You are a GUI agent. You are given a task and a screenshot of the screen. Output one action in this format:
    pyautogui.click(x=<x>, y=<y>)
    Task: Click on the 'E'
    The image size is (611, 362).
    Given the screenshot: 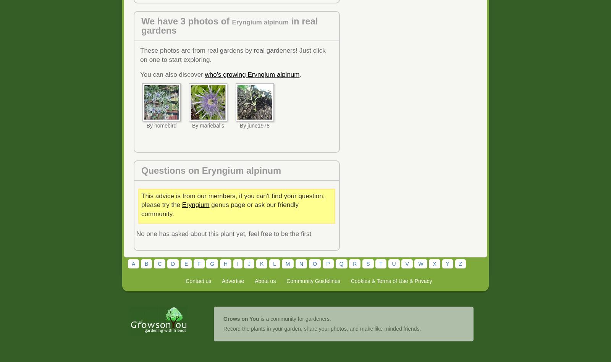 What is the action you would take?
    pyautogui.click(x=184, y=263)
    